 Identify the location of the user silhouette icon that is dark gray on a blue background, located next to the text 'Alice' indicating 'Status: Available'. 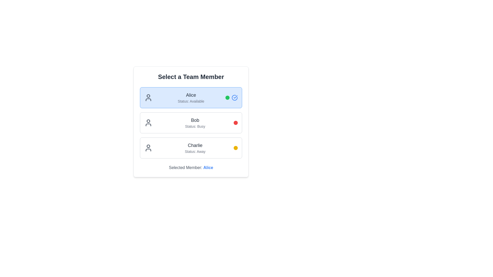
(148, 98).